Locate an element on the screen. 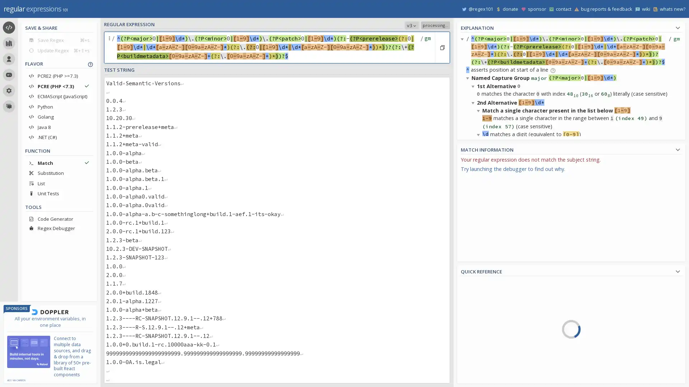  Meta Sequences is located at coordinates (494, 338).